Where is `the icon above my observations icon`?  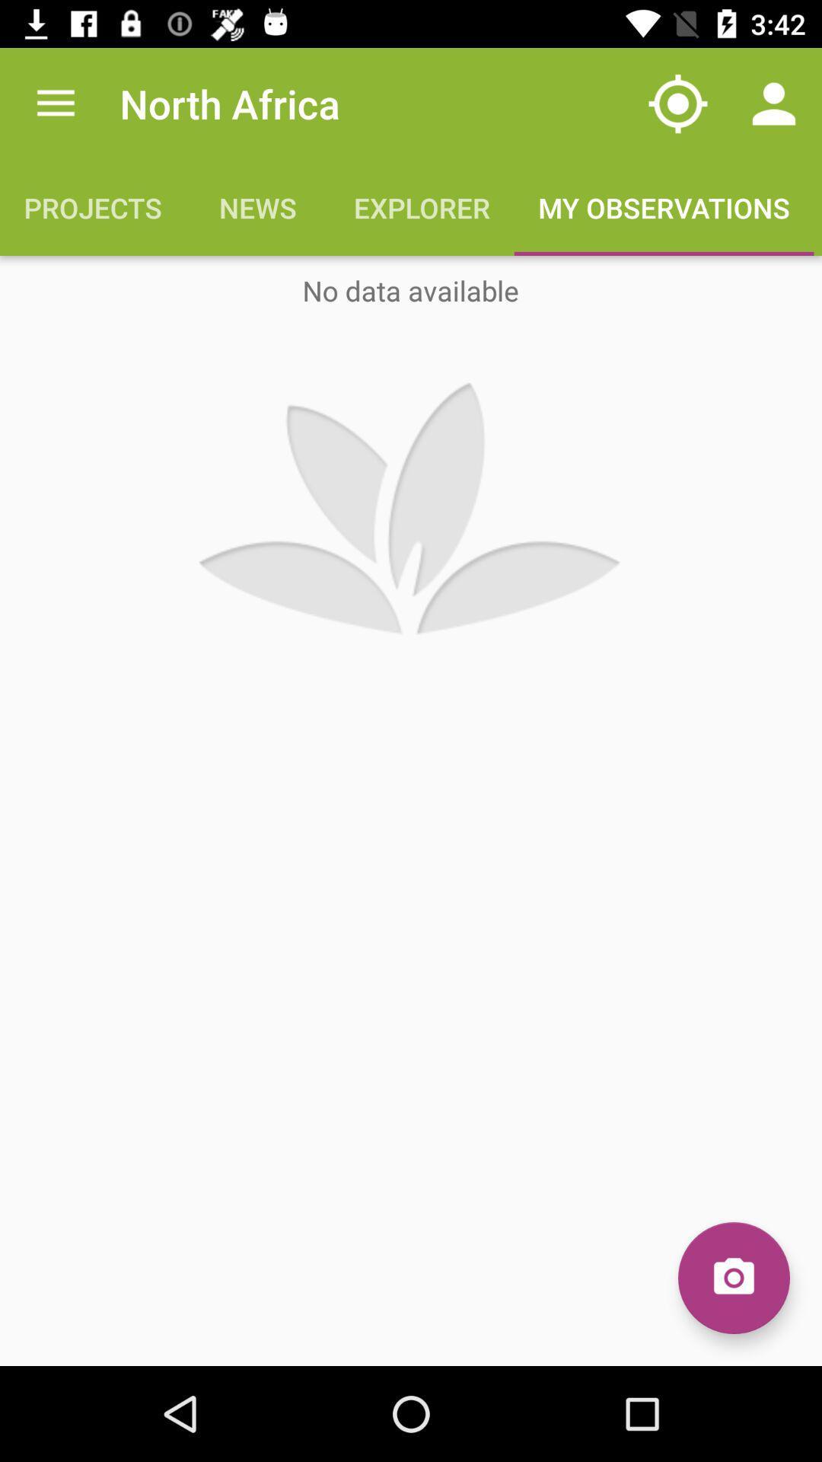 the icon above my observations icon is located at coordinates (677, 103).